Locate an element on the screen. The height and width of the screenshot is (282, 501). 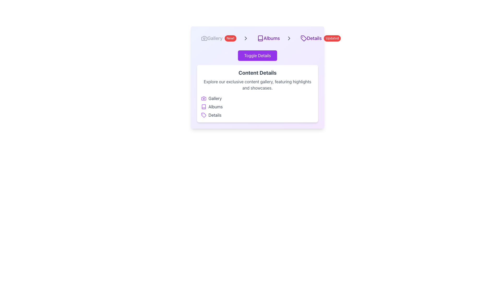
the Gallery Icon located in the top-left section of the navigation bar is located at coordinates (204, 38).